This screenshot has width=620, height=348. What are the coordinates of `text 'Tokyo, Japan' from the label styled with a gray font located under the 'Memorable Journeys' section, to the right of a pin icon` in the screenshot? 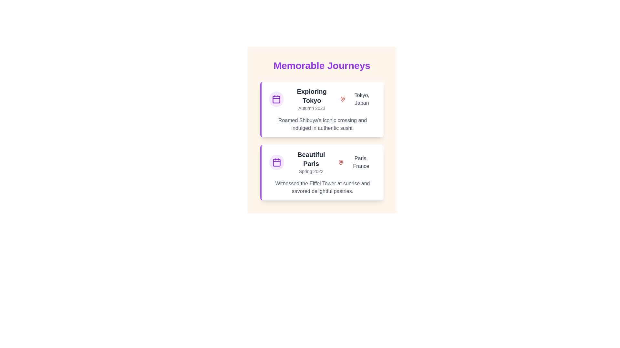 It's located at (362, 99).